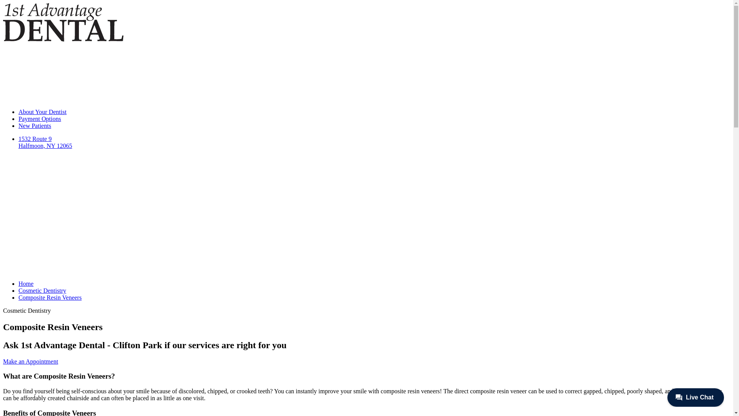 The height and width of the screenshot is (416, 739). Describe the element at coordinates (34, 125) in the screenshot. I see `'New Patients'` at that location.